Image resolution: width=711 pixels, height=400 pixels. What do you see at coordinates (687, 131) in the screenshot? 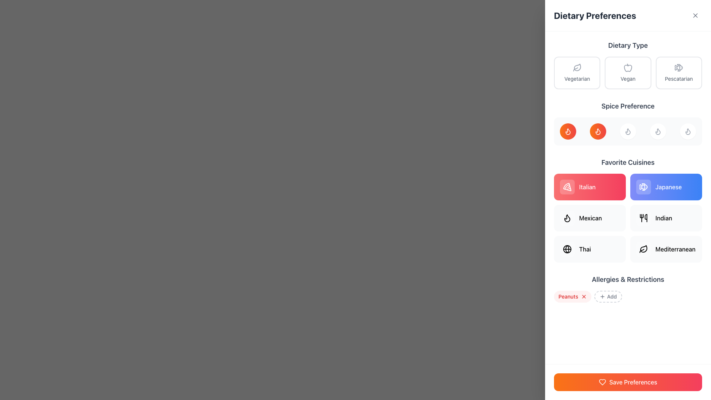
I see `the fifth flame-shaped icon in the 'Spice Preference' section` at bounding box center [687, 131].